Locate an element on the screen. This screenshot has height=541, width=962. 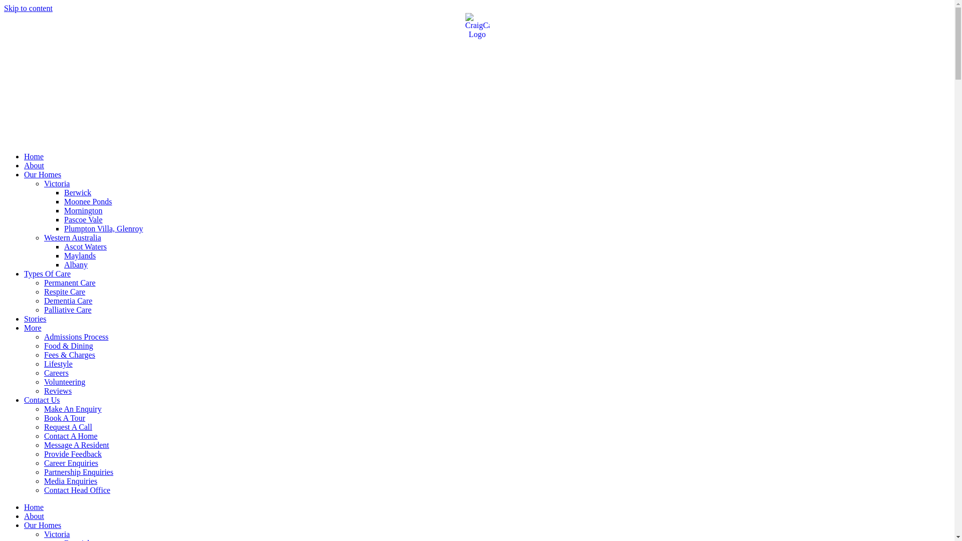
'Request A Call' is located at coordinates (67, 427).